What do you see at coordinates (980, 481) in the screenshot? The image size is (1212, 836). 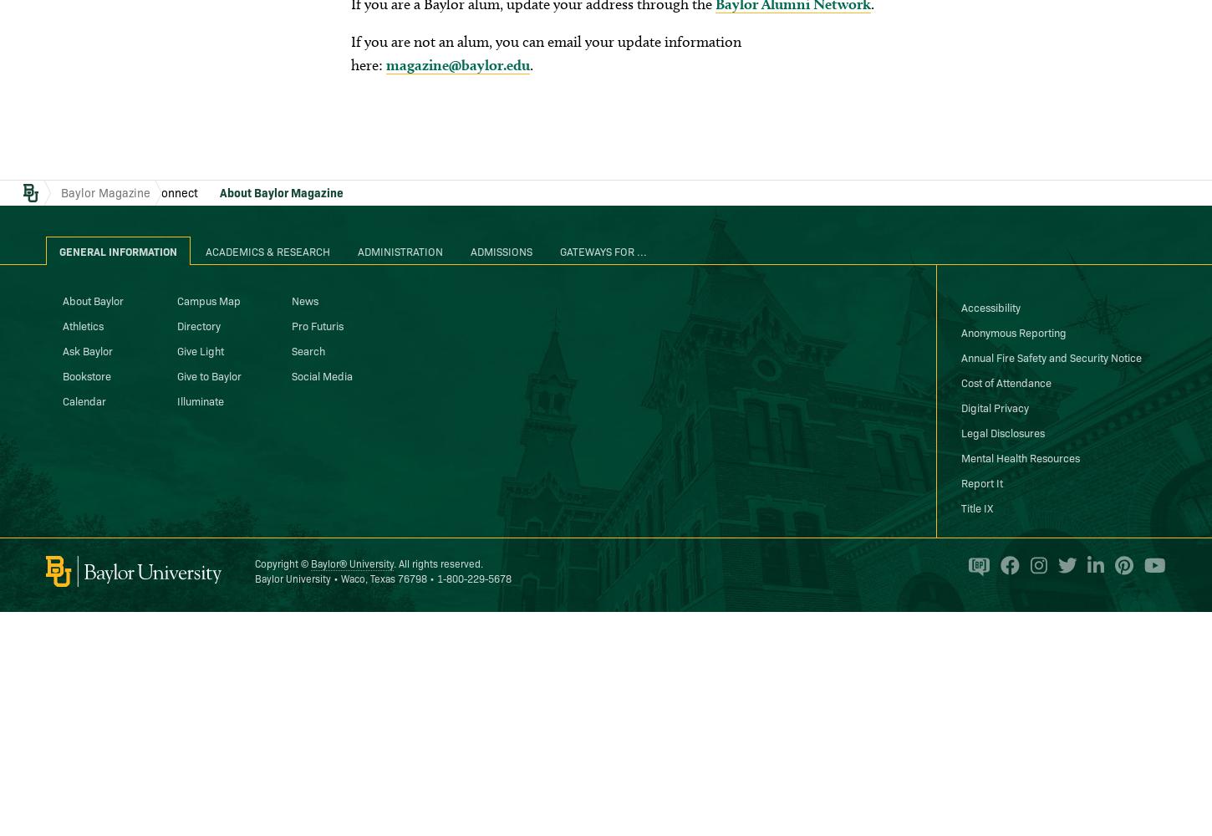 I see `'Report It'` at bounding box center [980, 481].